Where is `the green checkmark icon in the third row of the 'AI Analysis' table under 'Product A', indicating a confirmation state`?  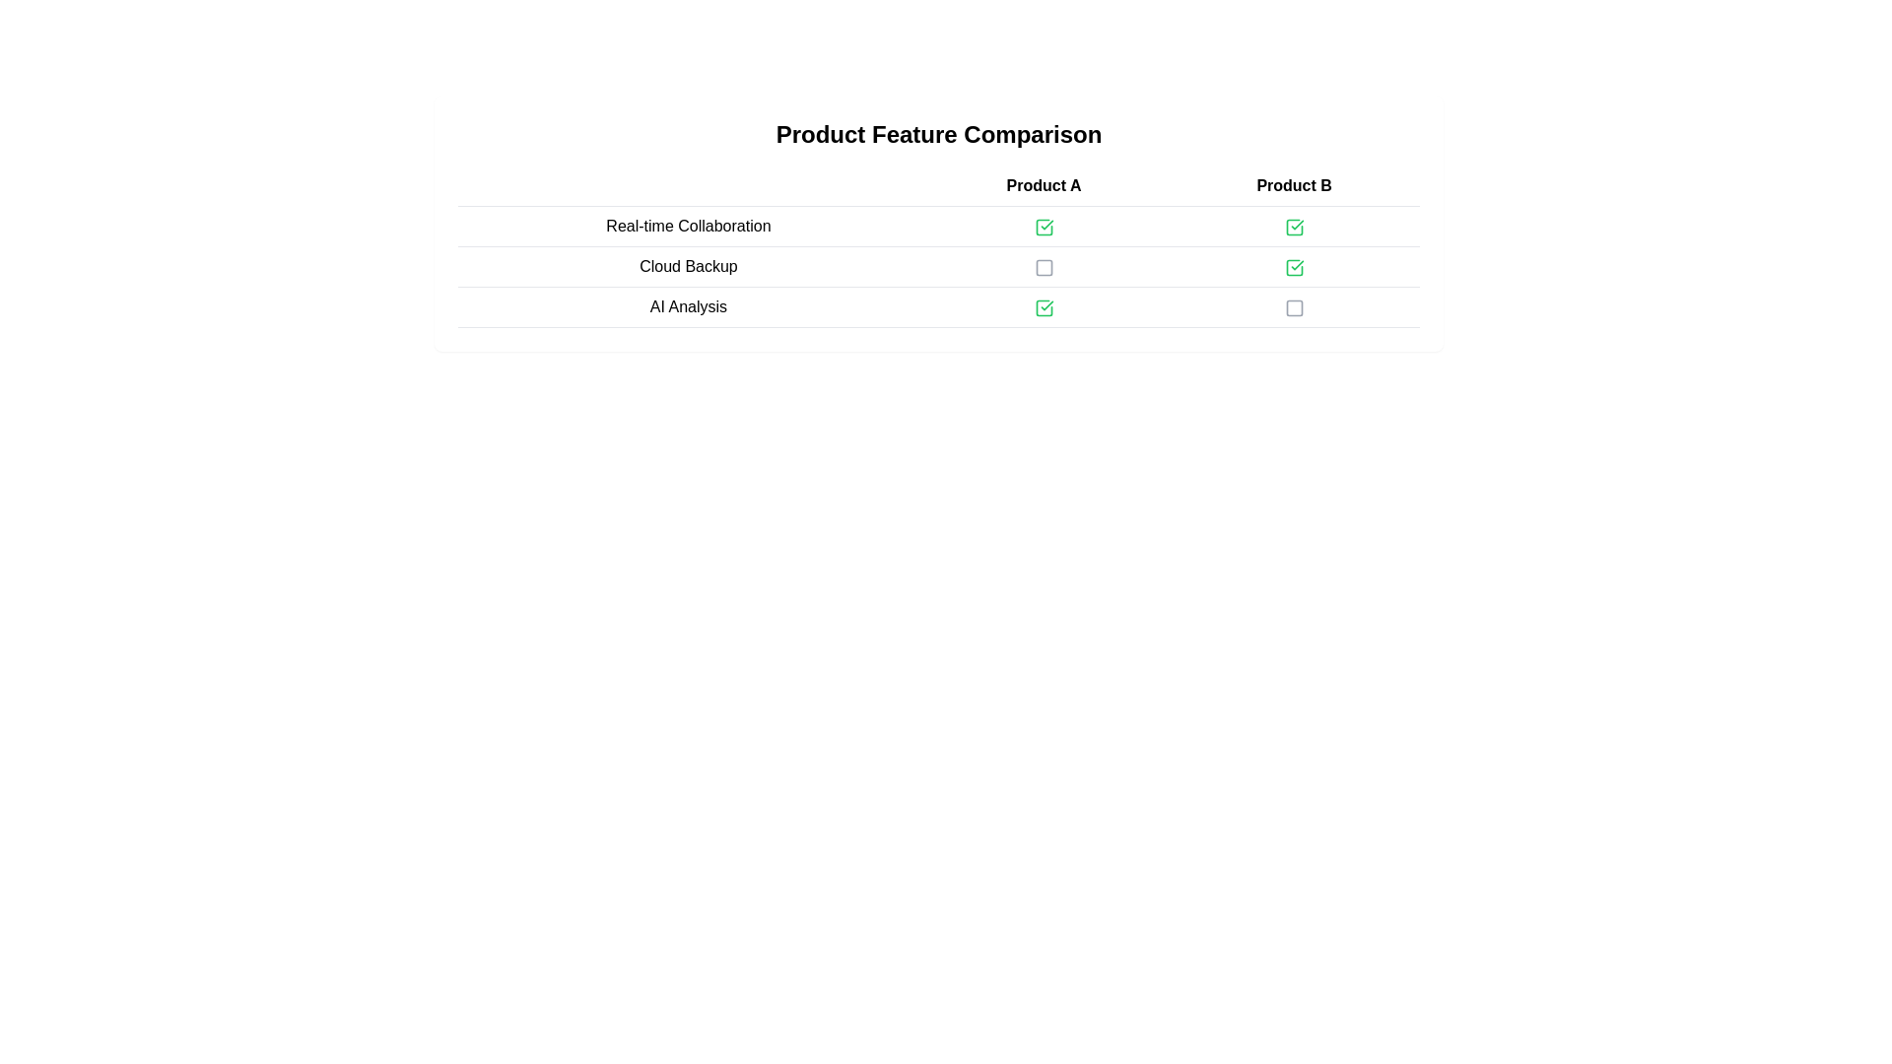 the green checkmark icon in the third row of the 'AI Analysis' table under 'Product A', indicating a confirmation state is located at coordinates (1043, 307).